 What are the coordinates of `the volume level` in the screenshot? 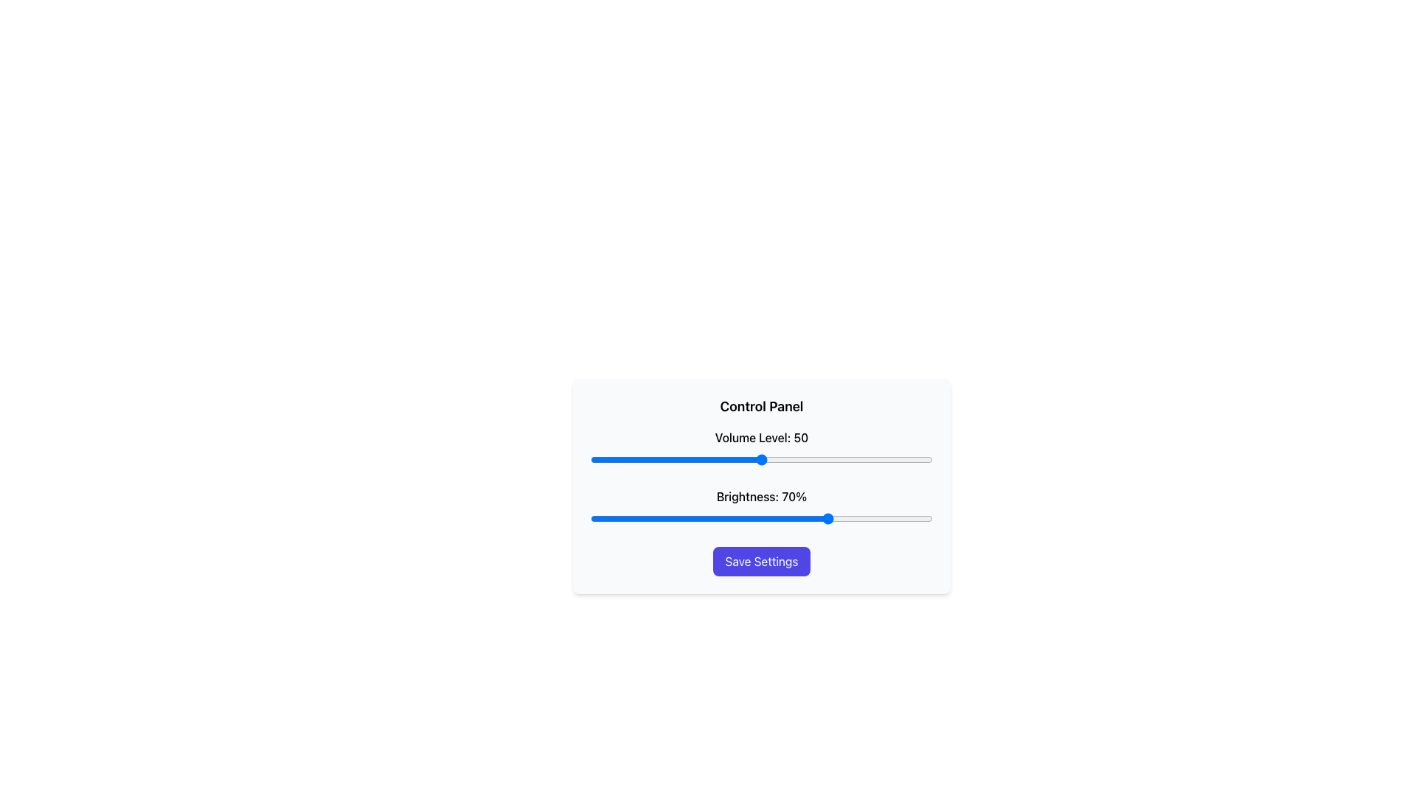 It's located at (922, 459).